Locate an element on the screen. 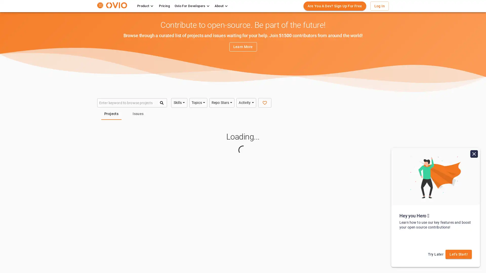 This screenshot has height=273, width=486. About is located at coordinates (221, 6).